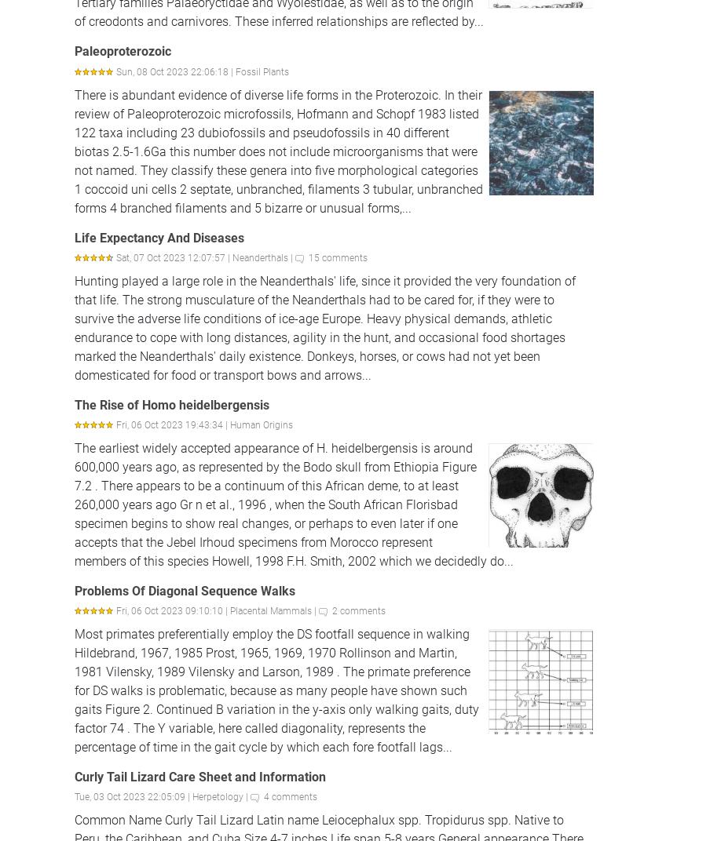 The height and width of the screenshot is (841, 710). Describe the element at coordinates (269, 611) in the screenshot. I see `'Placental Mammals'` at that location.